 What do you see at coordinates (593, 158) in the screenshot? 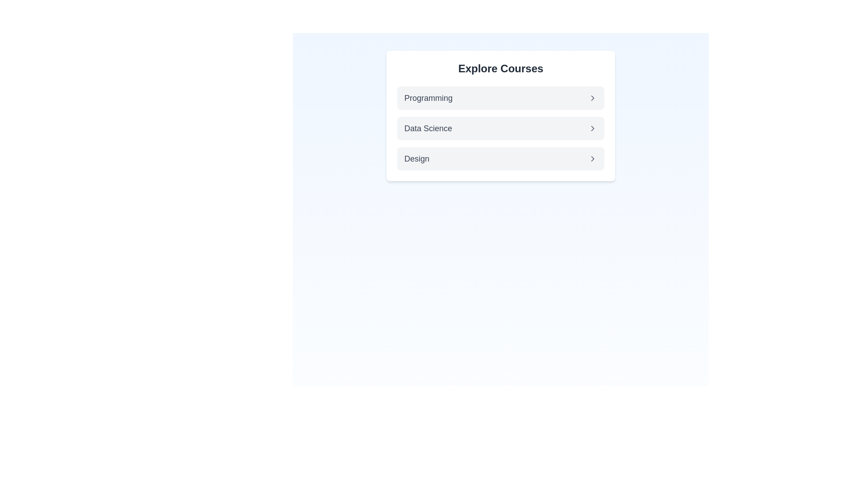
I see `the rightward pointing chevron icon that is located to the right of the text 'Design' in the 'Explore Courses' list` at bounding box center [593, 158].